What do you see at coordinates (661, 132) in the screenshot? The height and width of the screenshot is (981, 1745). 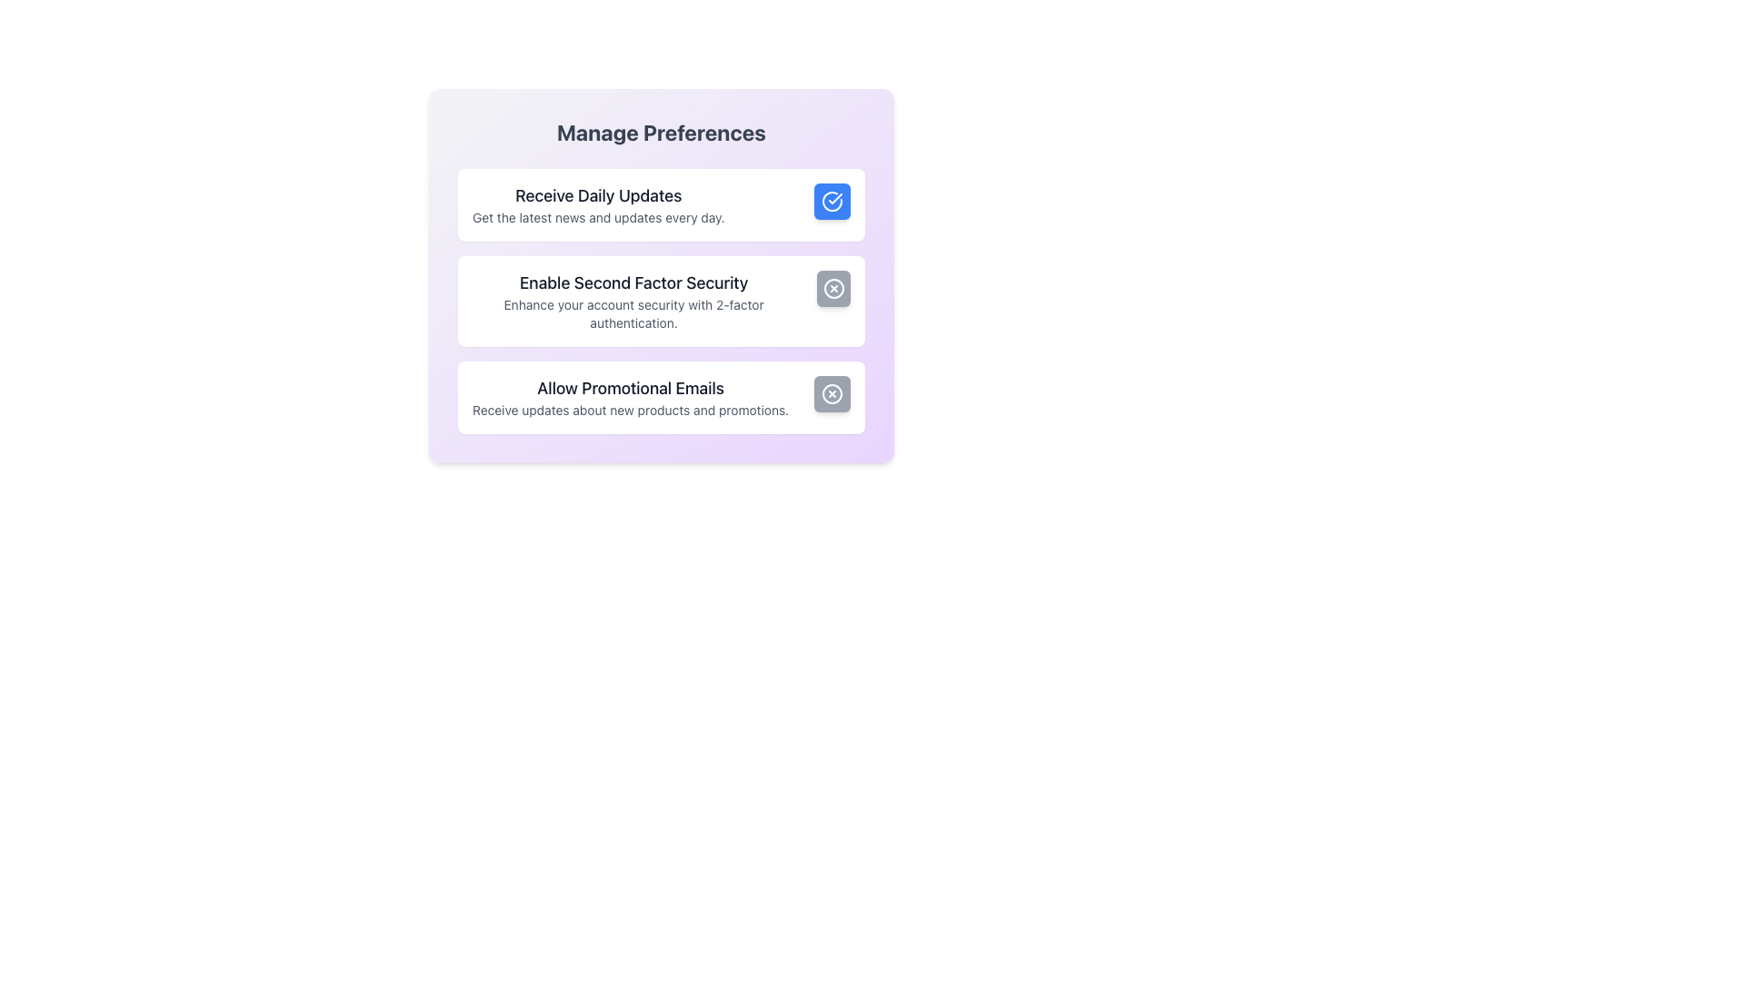 I see `the 'Manage Preferences' header label, which is a bold, dark gray text centered at the top of a light purple gradient box with rounded corners` at bounding box center [661, 132].